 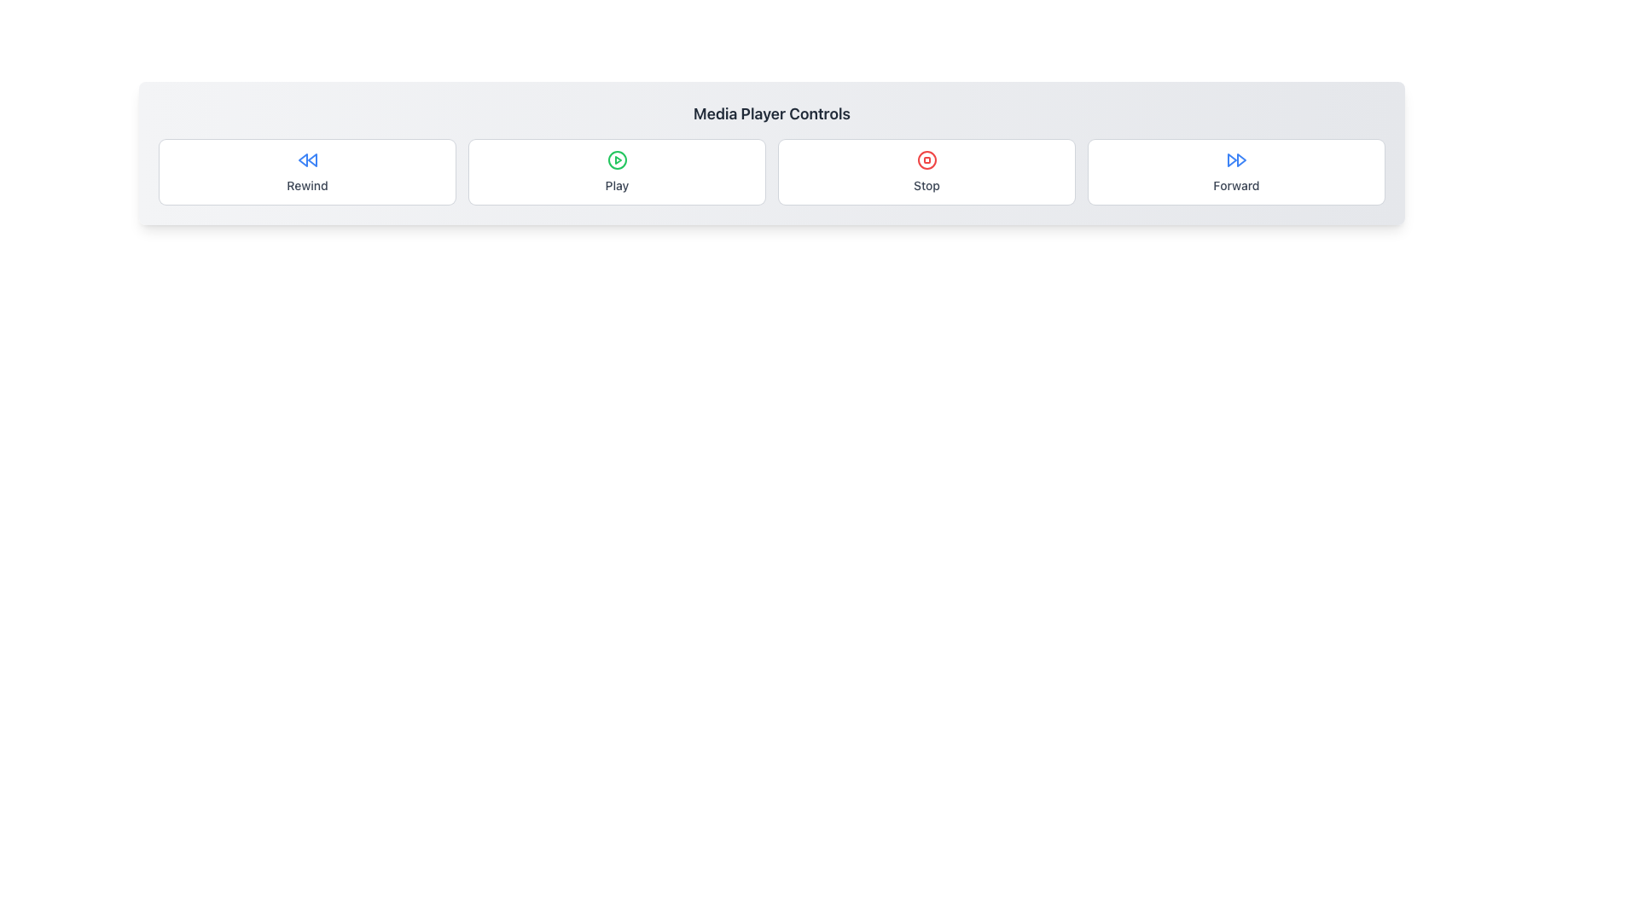 I want to click on the 'Rewind' control icon in the media player interface, so click(x=307, y=160).